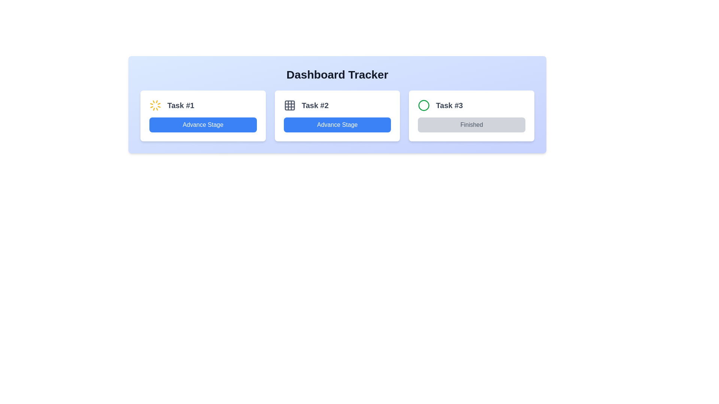  What do you see at coordinates (471, 125) in the screenshot?
I see `the completed status indicator button located in the third task card labeled 'Task #3'. This button is non-clickable and signifies that the task is finished` at bounding box center [471, 125].